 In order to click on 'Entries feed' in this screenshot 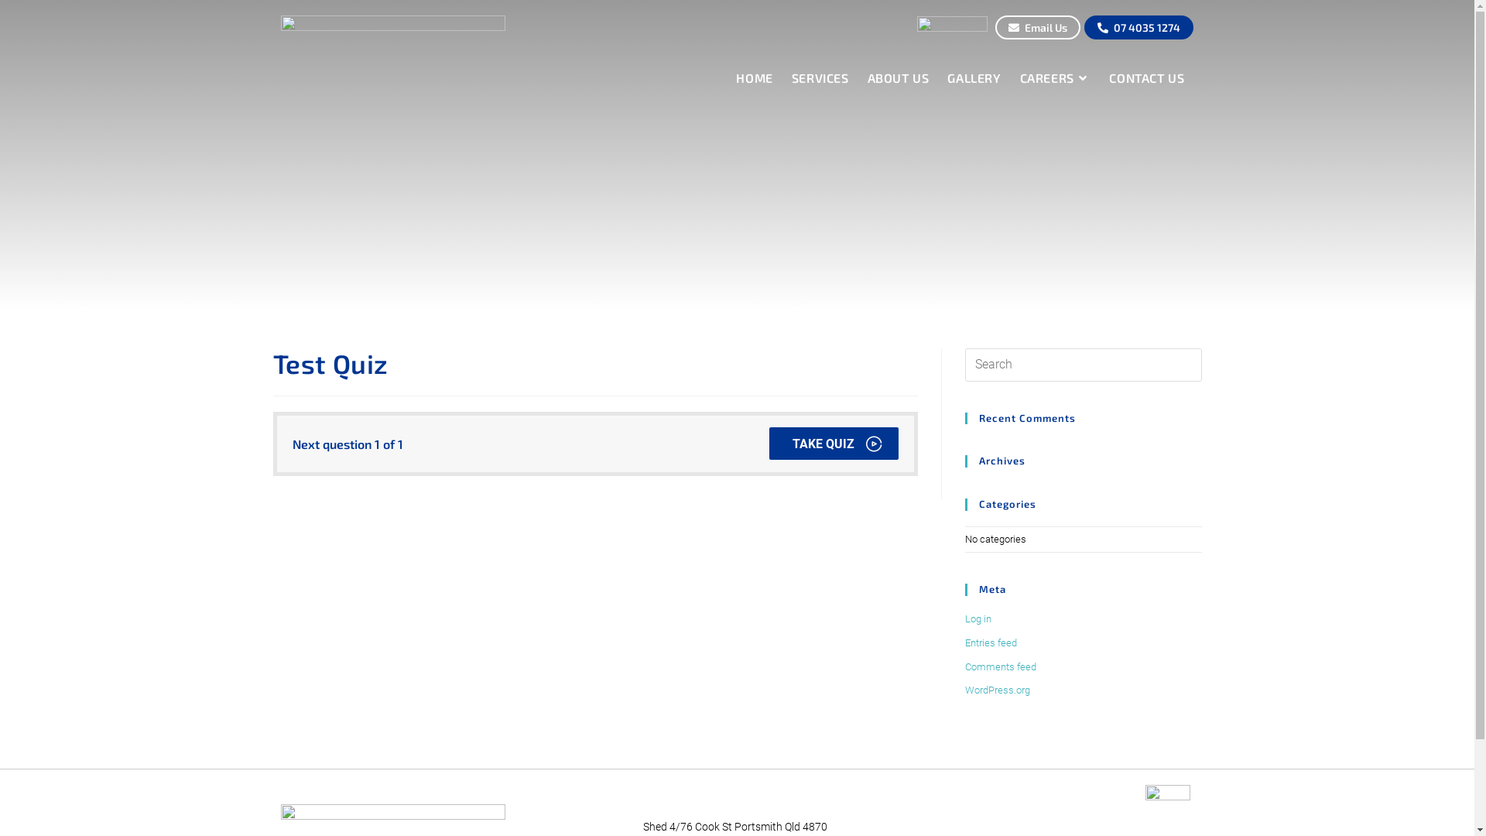, I will do `click(989, 642)`.